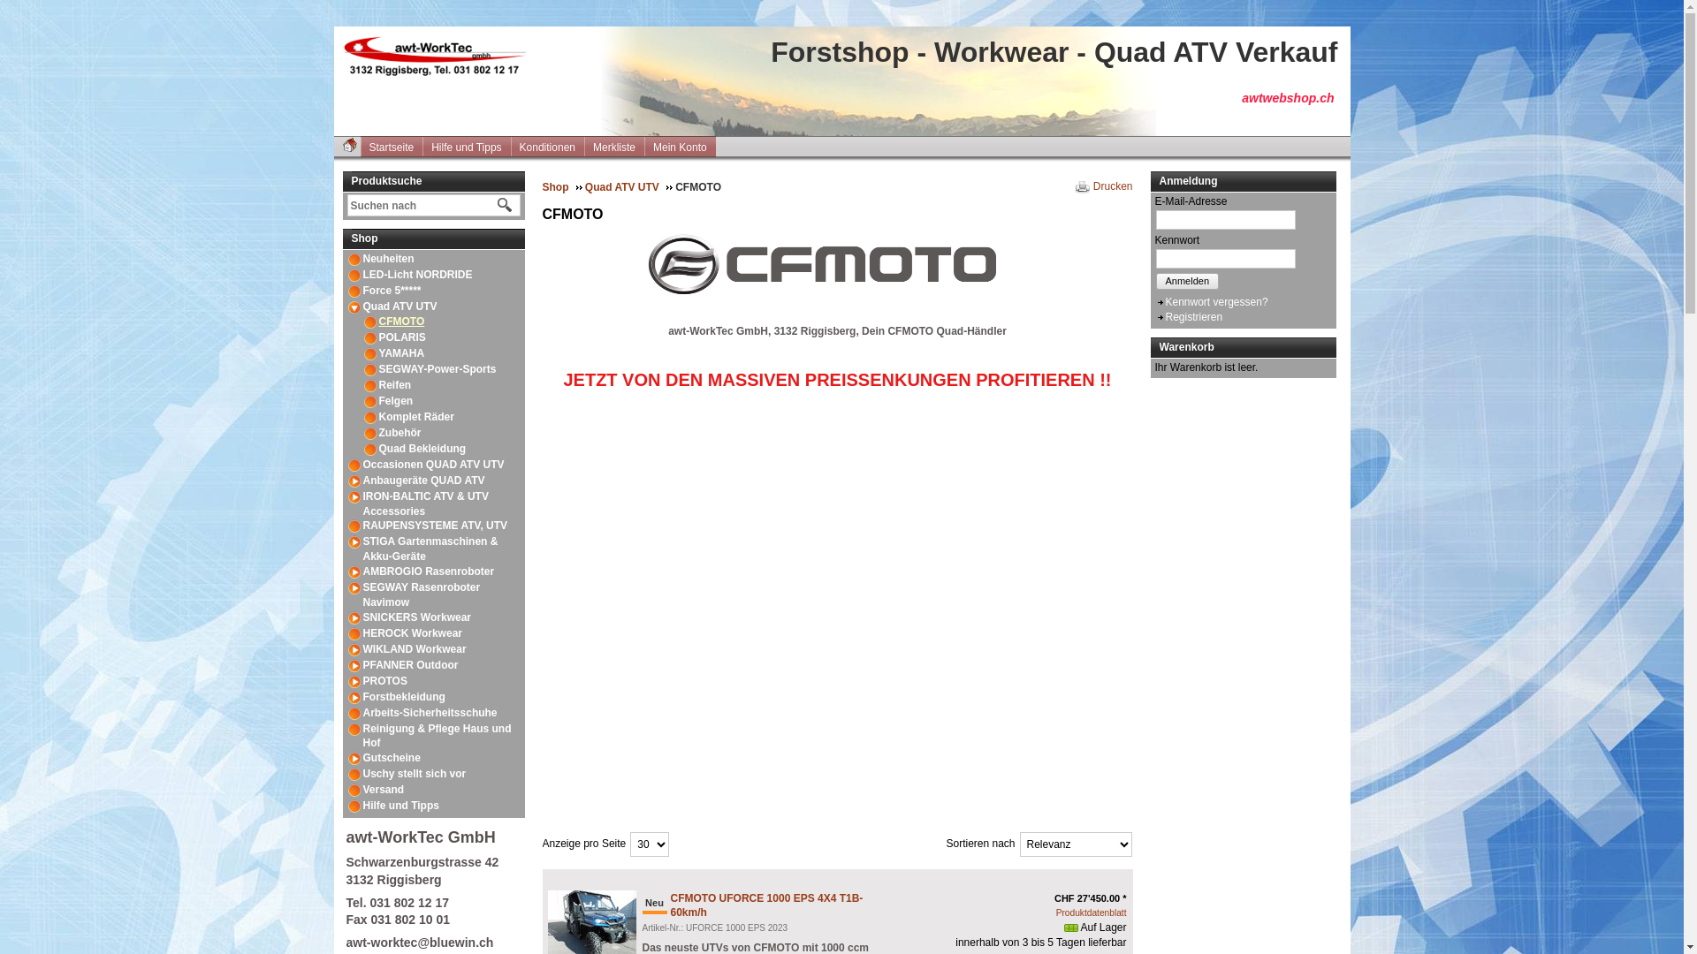 The height and width of the screenshot is (954, 1697). Describe the element at coordinates (1188, 280) in the screenshot. I see `'Anmelden'` at that location.